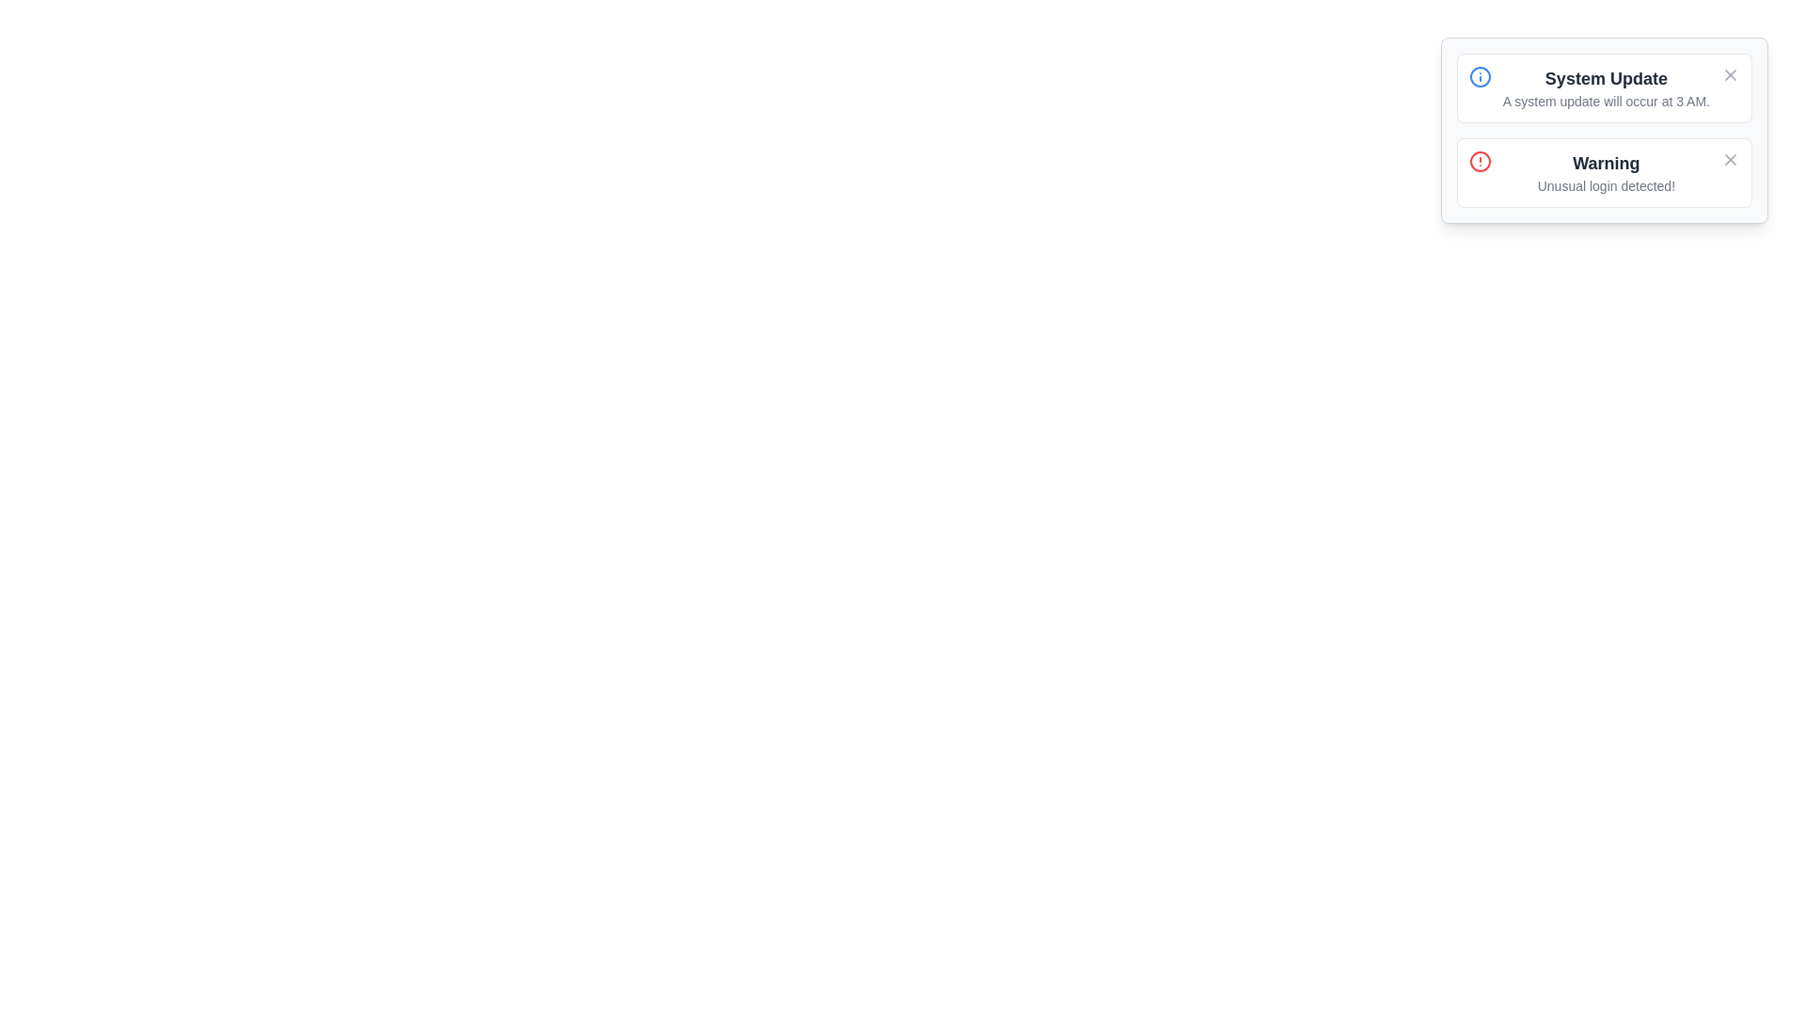 The width and height of the screenshot is (1806, 1016). What do you see at coordinates (1479, 75) in the screenshot?
I see `circular SVG graphic component that is part of the 'System Update' notification icon, located on the left side of the label` at bounding box center [1479, 75].